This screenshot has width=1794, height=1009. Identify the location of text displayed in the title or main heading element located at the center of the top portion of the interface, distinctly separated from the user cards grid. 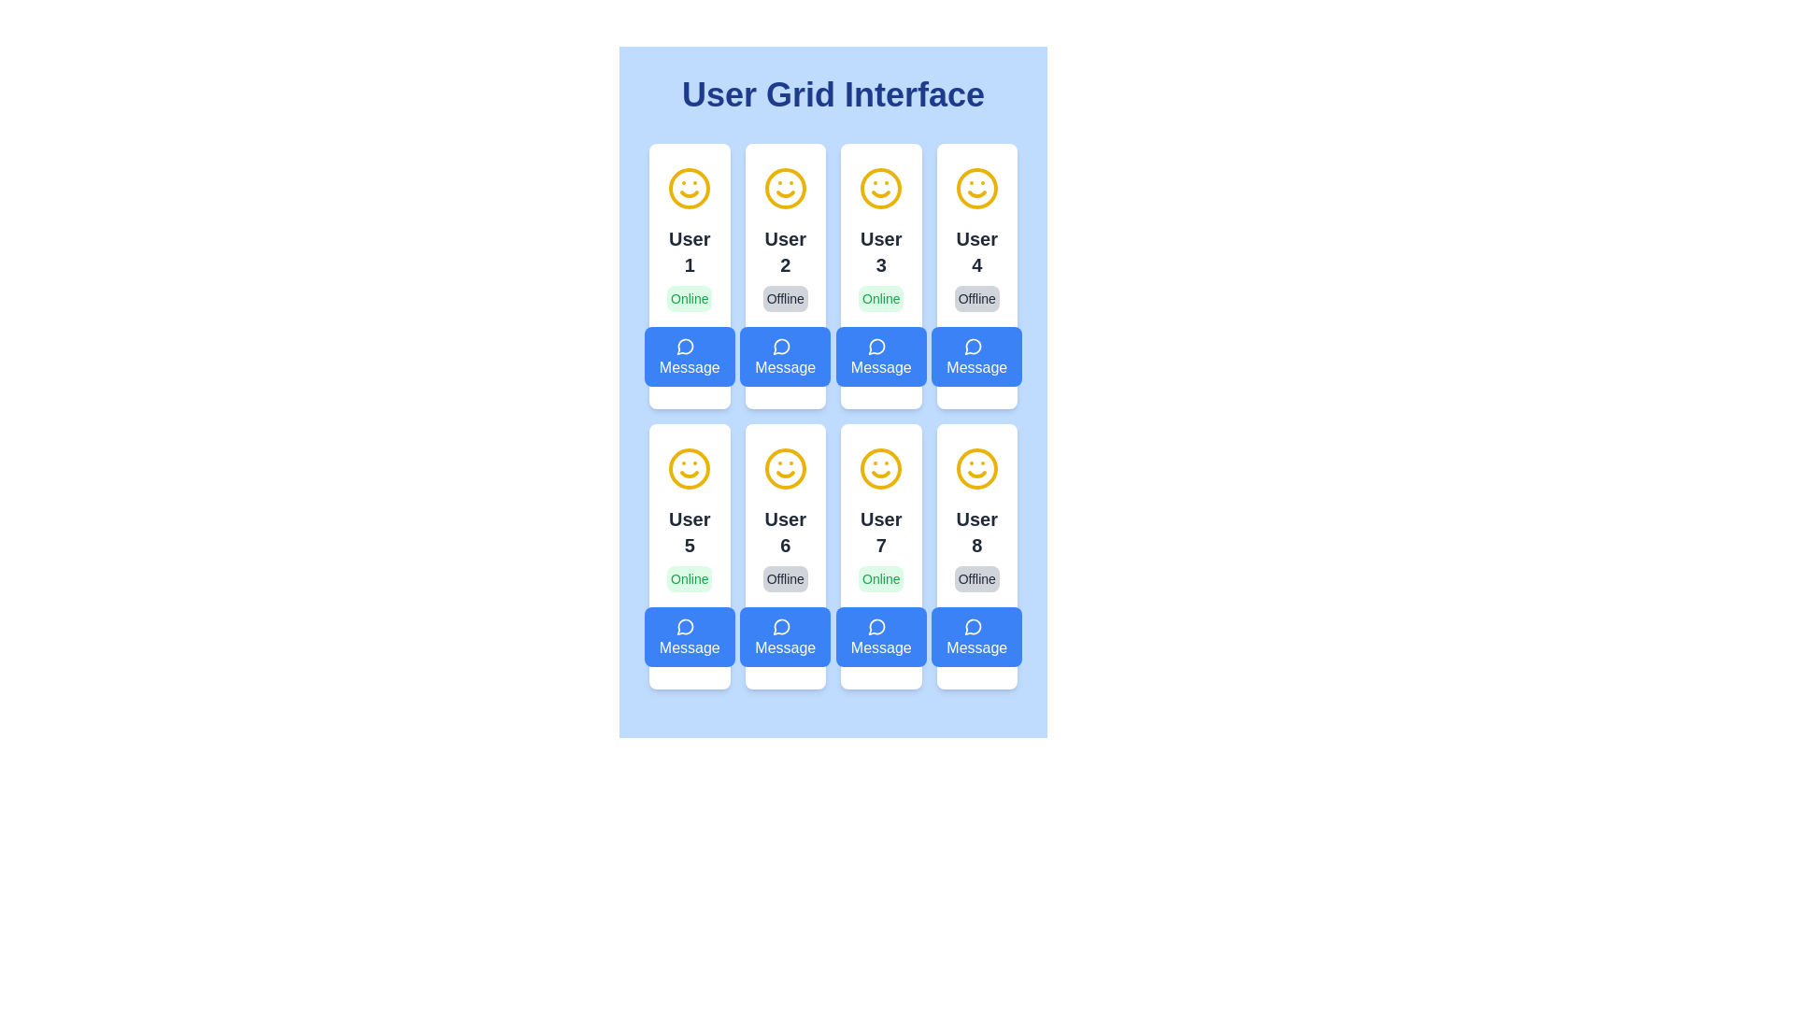
(833, 94).